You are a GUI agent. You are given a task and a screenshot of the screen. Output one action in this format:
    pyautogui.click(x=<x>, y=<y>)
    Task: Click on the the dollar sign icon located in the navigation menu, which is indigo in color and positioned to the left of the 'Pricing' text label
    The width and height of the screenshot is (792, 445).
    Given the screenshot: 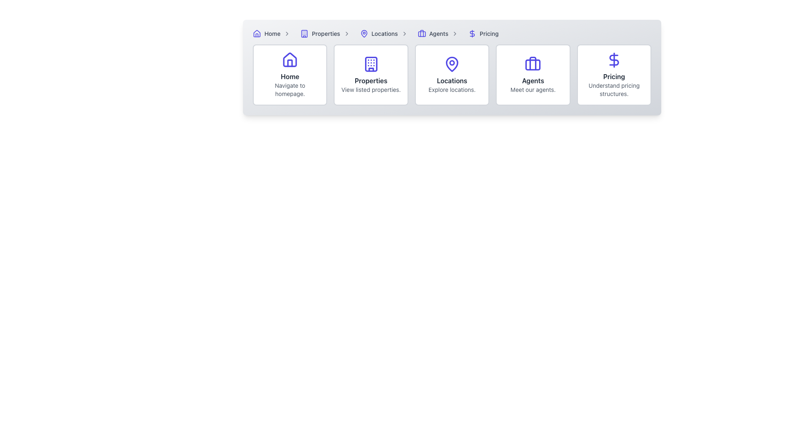 What is the action you would take?
    pyautogui.click(x=472, y=33)
    